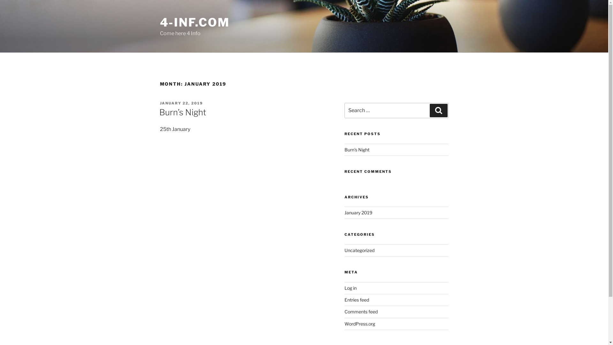 The image size is (613, 345). I want to click on 'WordPress.org', so click(360, 324).